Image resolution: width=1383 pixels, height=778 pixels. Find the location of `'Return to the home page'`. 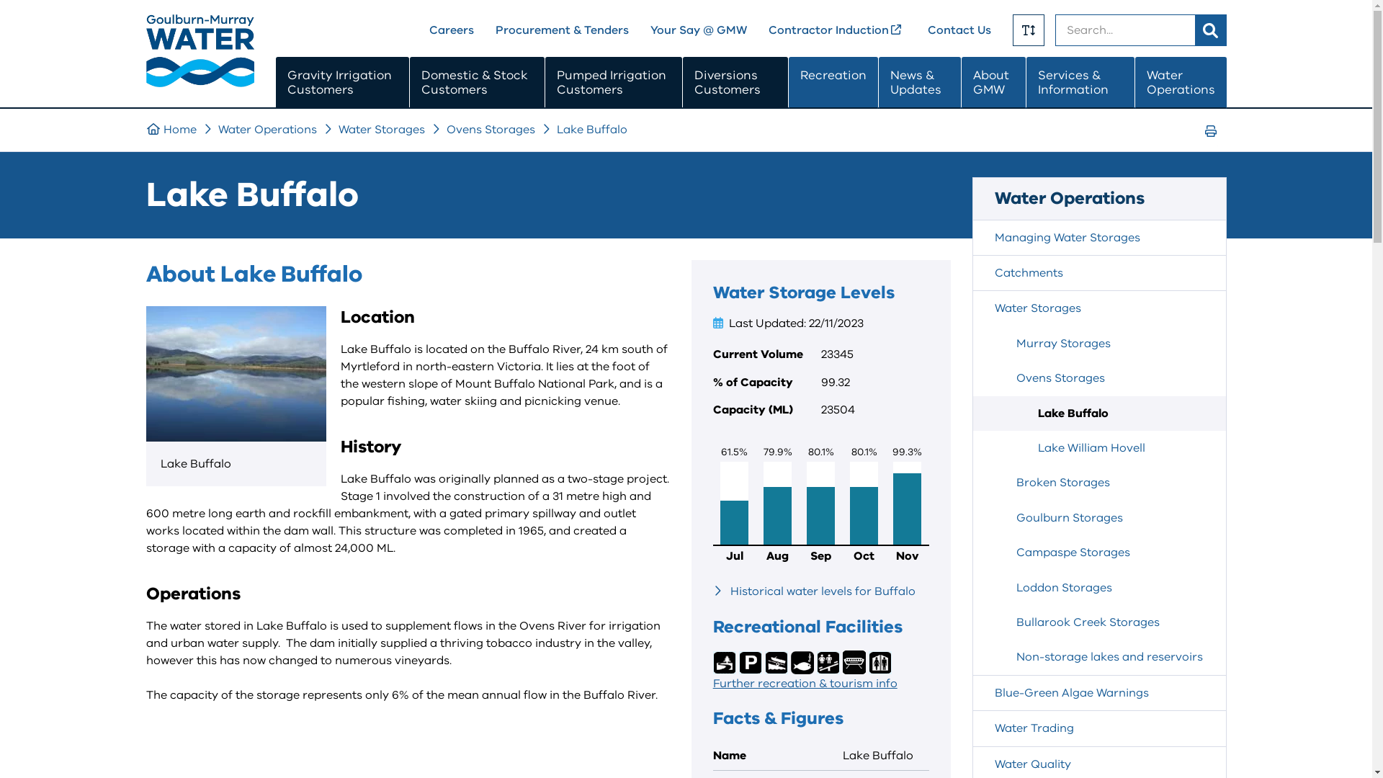

'Return to the home page' is located at coordinates (199, 83).